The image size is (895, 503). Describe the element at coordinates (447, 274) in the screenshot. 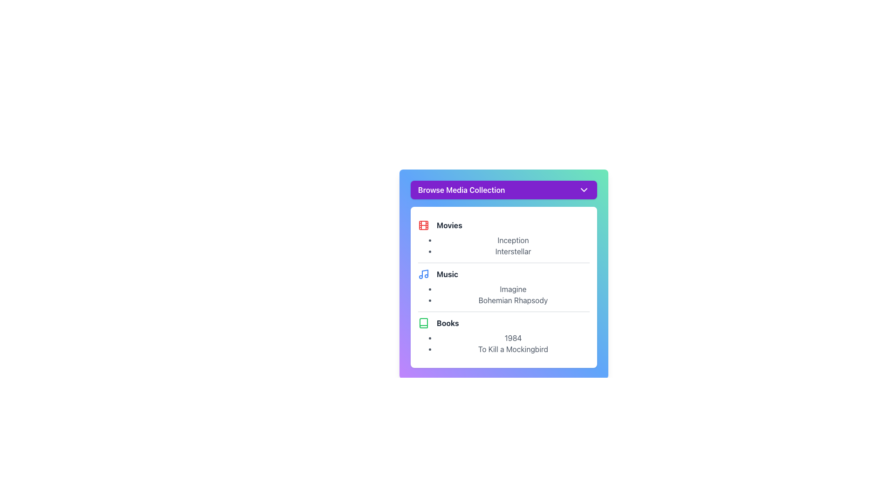

I see `the 'Music' category label in the media browsing interface, which is positioned horizontally to the right of a musical note icon and vertically aligned with the 'Movies' and 'Books' categories` at that location.